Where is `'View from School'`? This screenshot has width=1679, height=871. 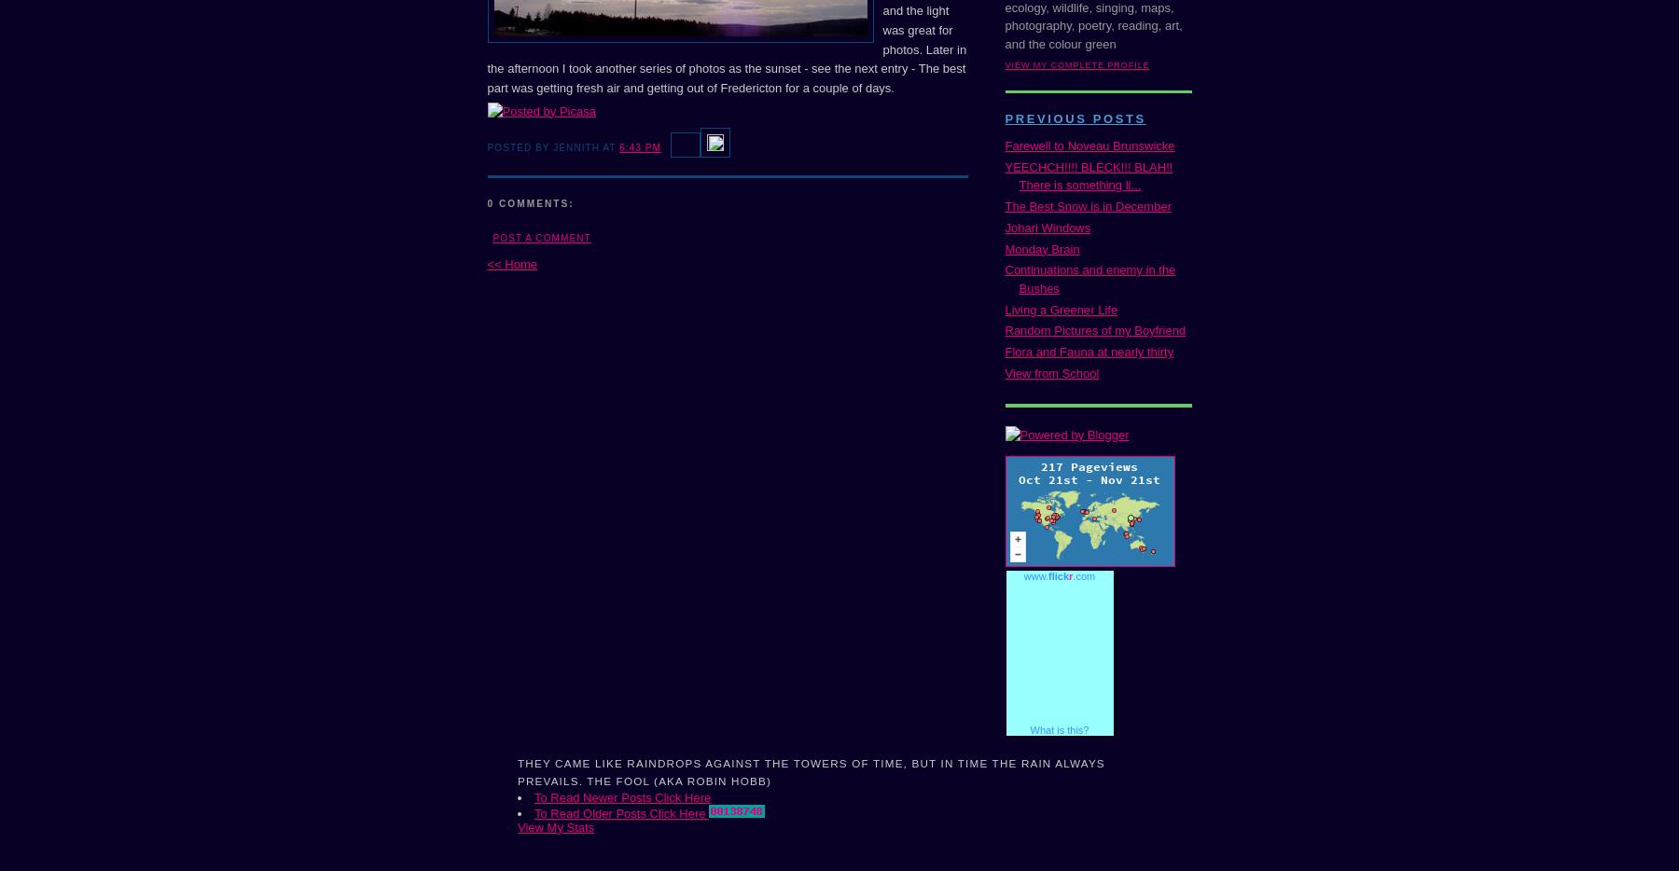 'View from School' is located at coordinates (1050, 371).